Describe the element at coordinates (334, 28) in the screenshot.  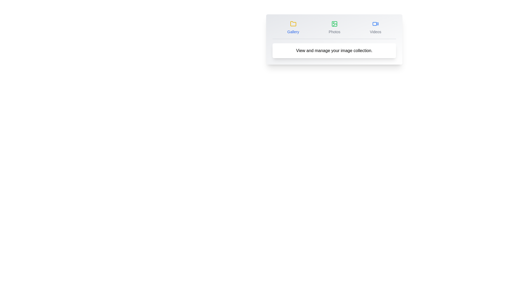
I see `the Photos tab` at that location.